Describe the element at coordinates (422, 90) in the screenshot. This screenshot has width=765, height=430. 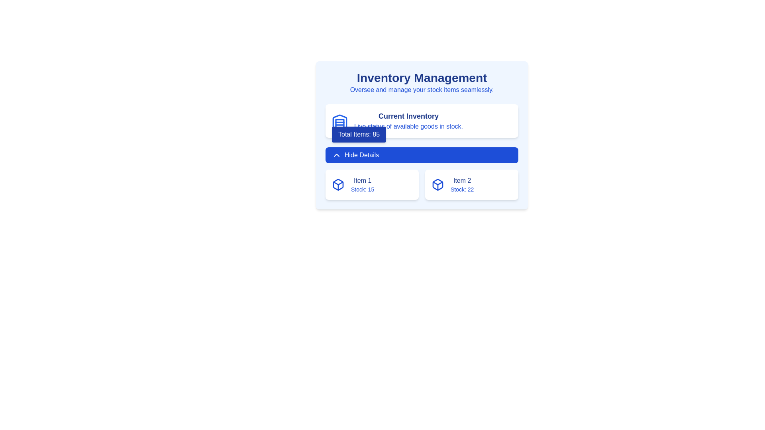
I see `the text display containing 'Oversee and manage your stock items seamlessly.' located beneath the 'Inventory Management' heading` at that location.